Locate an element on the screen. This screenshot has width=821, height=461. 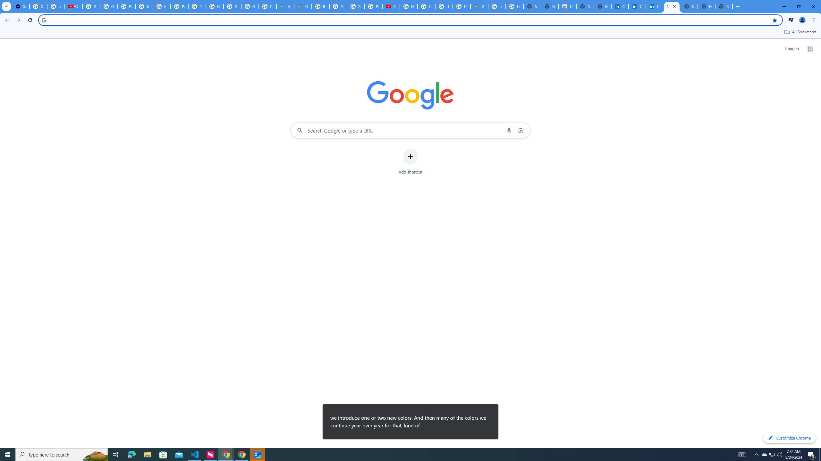
'Delete photos & videos - Computer - Google Photos Help' is located at coordinates (38, 6).